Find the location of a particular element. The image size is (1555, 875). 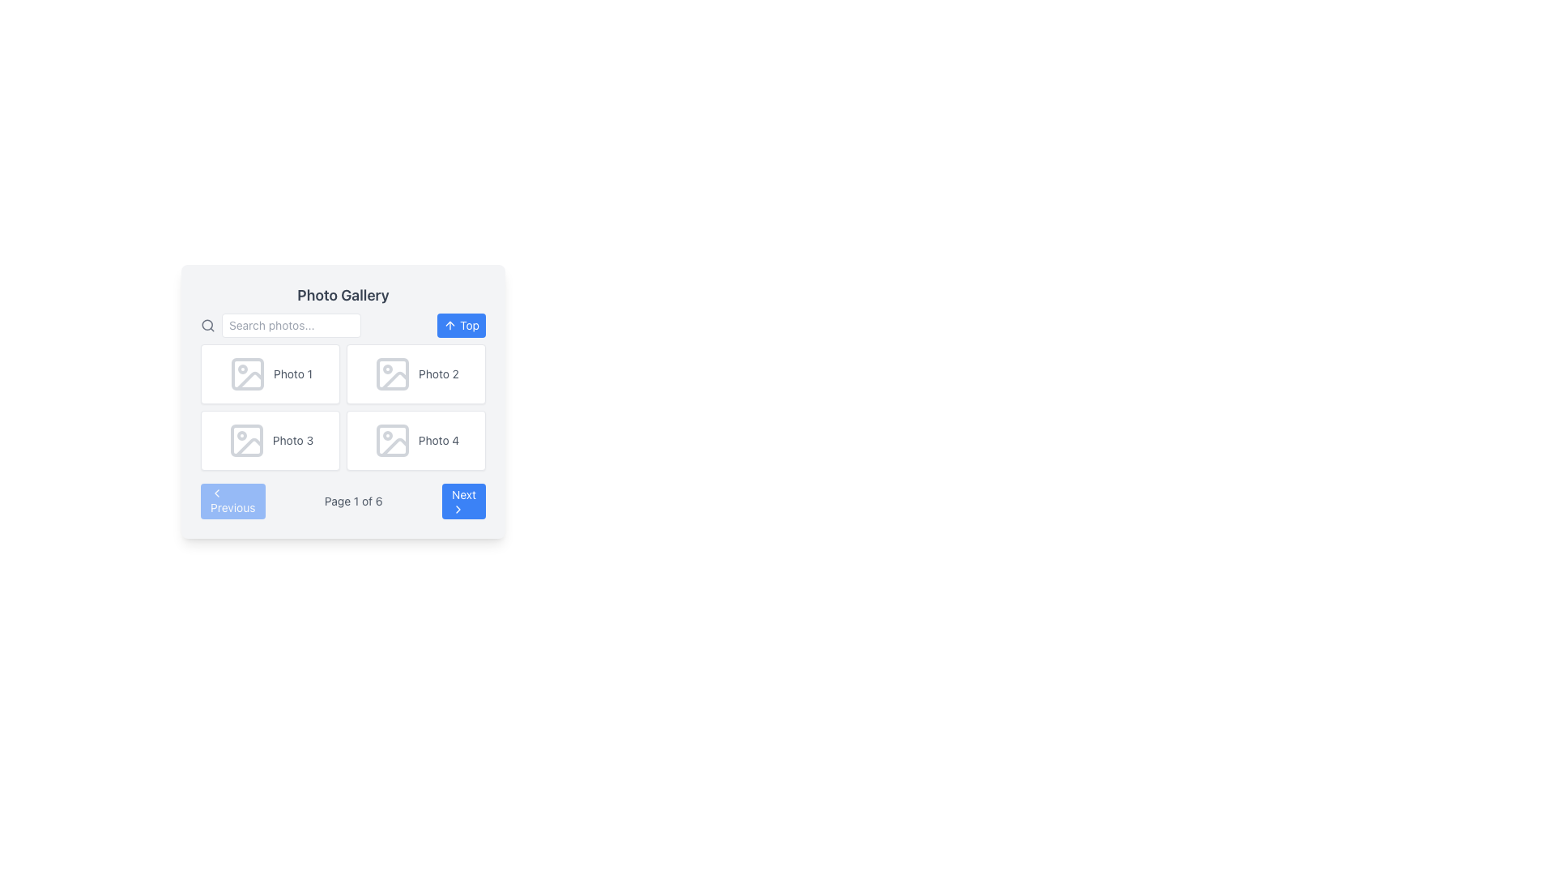

the SVG icon representing the image symbol within the white, bordered, rounded rectangular block labeled 'Photo 1' in the upper-left corner of the grid of placeholders is located at coordinates (247, 374).